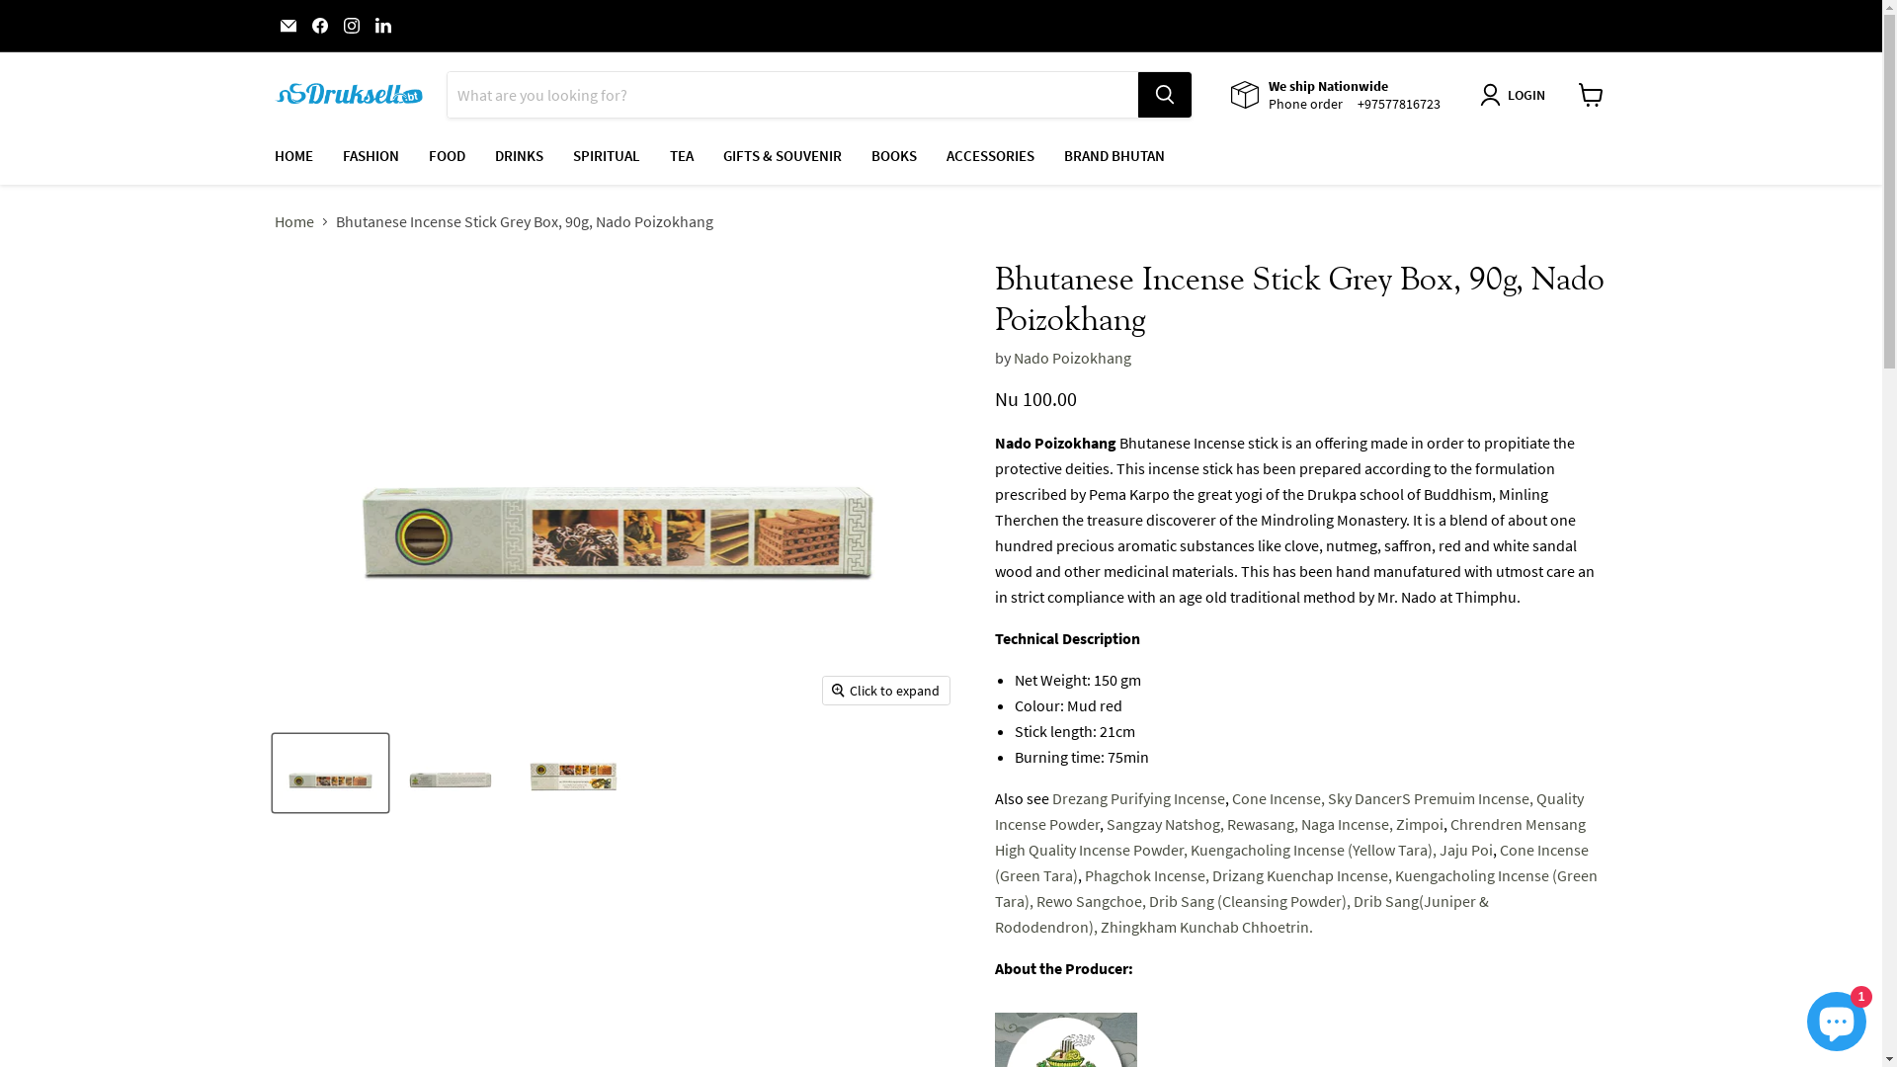 This screenshot has width=1897, height=1067. What do you see at coordinates (1345, 823) in the screenshot?
I see `'Naga Incense,'` at bounding box center [1345, 823].